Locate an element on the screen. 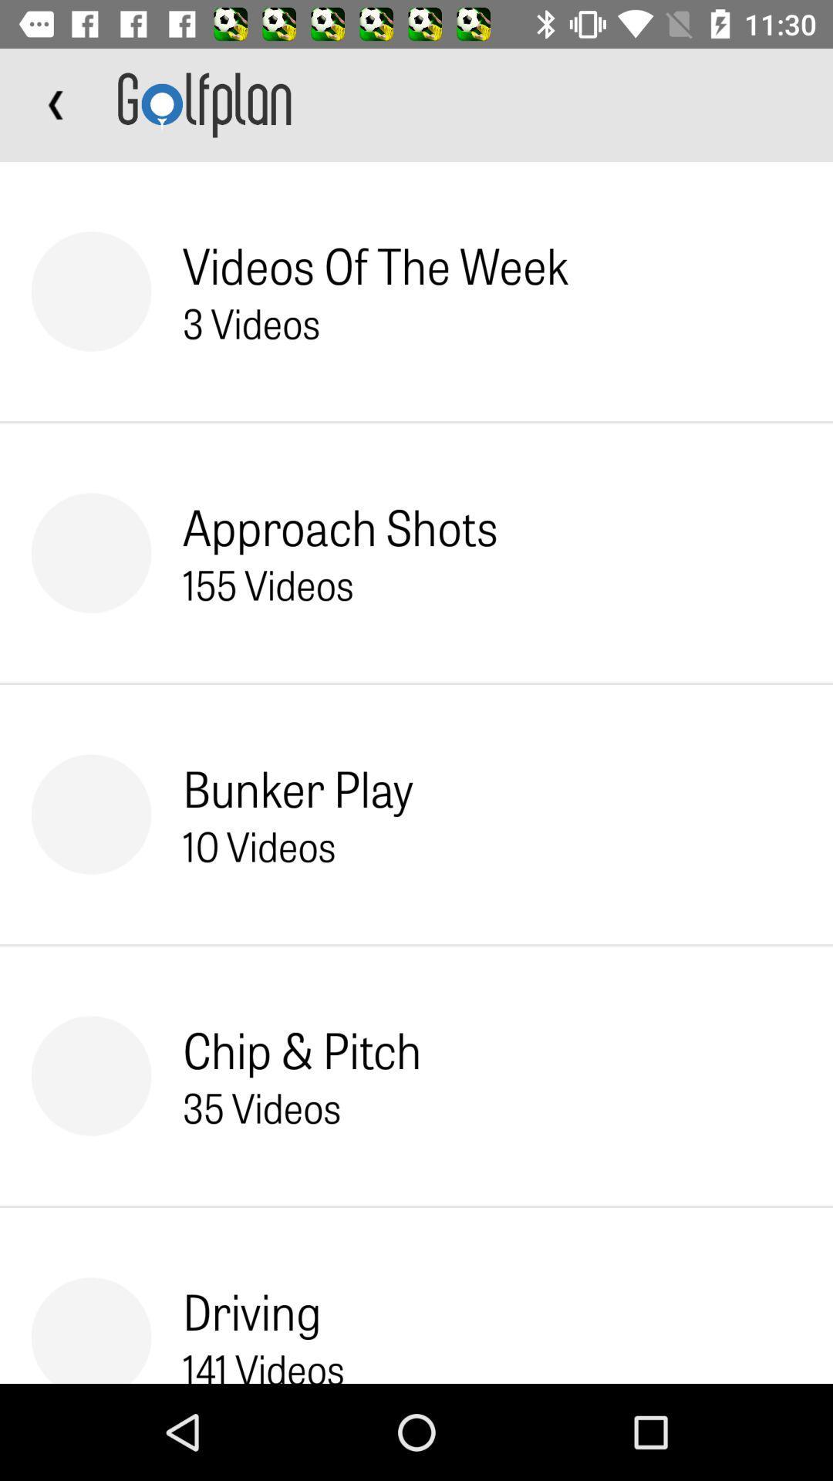 The image size is (833, 1481). chip & pitch icon is located at coordinates (302, 1049).